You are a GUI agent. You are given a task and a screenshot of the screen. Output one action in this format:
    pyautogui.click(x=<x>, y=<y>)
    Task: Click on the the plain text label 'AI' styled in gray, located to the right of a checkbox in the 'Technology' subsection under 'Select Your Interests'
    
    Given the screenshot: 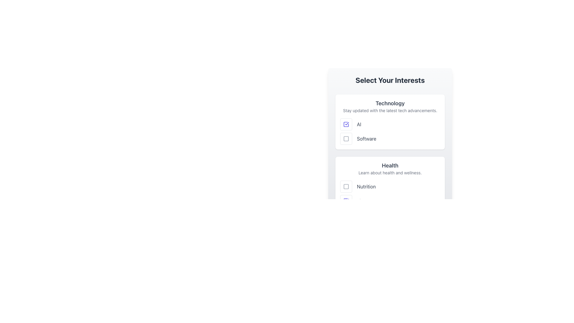 What is the action you would take?
    pyautogui.click(x=359, y=124)
    